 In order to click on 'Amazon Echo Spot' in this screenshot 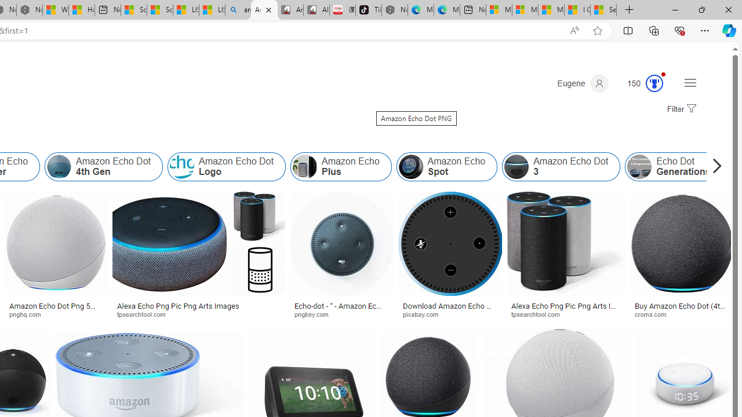, I will do `click(410, 167)`.